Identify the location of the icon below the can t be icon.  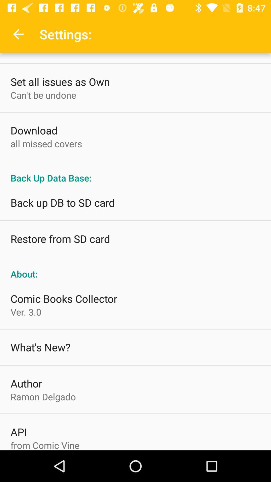
(34, 130).